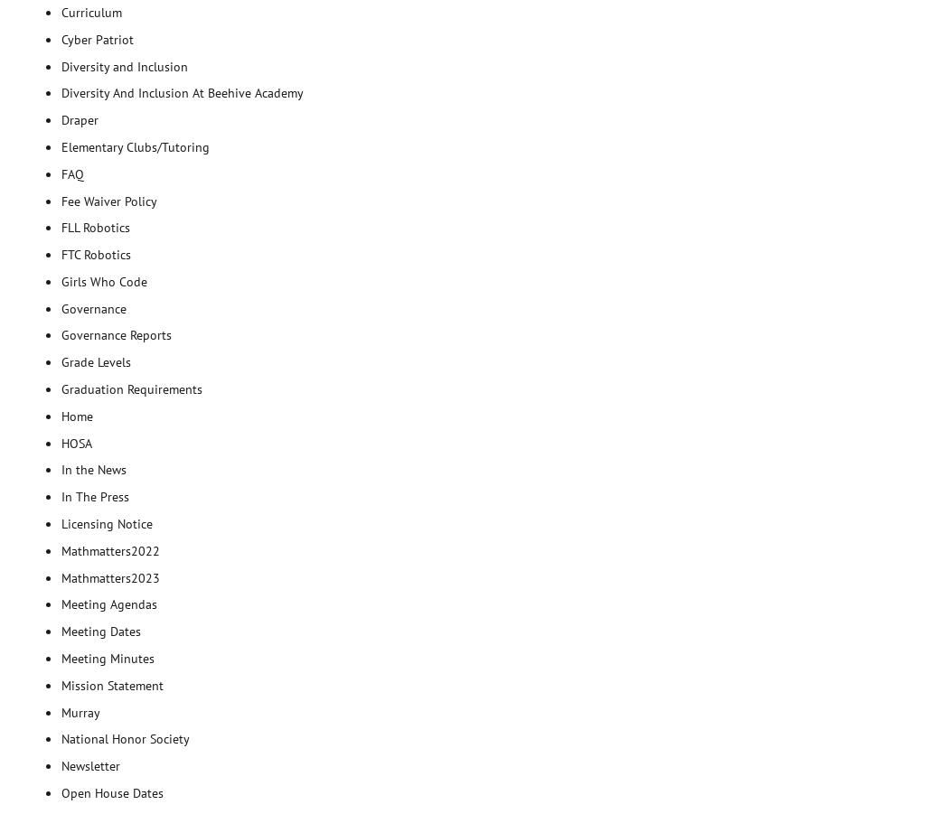 This screenshot has height=814, width=949. I want to click on 'Draper', so click(61, 119).